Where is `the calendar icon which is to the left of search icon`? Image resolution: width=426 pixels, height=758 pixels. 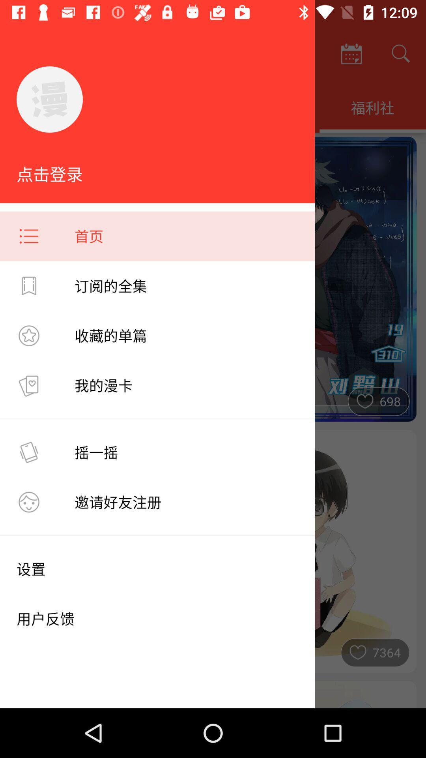
the calendar icon which is to the left of search icon is located at coordinates (351, 54).